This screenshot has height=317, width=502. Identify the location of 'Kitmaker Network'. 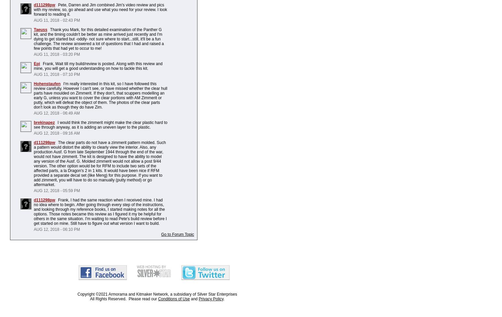
(152, 294).